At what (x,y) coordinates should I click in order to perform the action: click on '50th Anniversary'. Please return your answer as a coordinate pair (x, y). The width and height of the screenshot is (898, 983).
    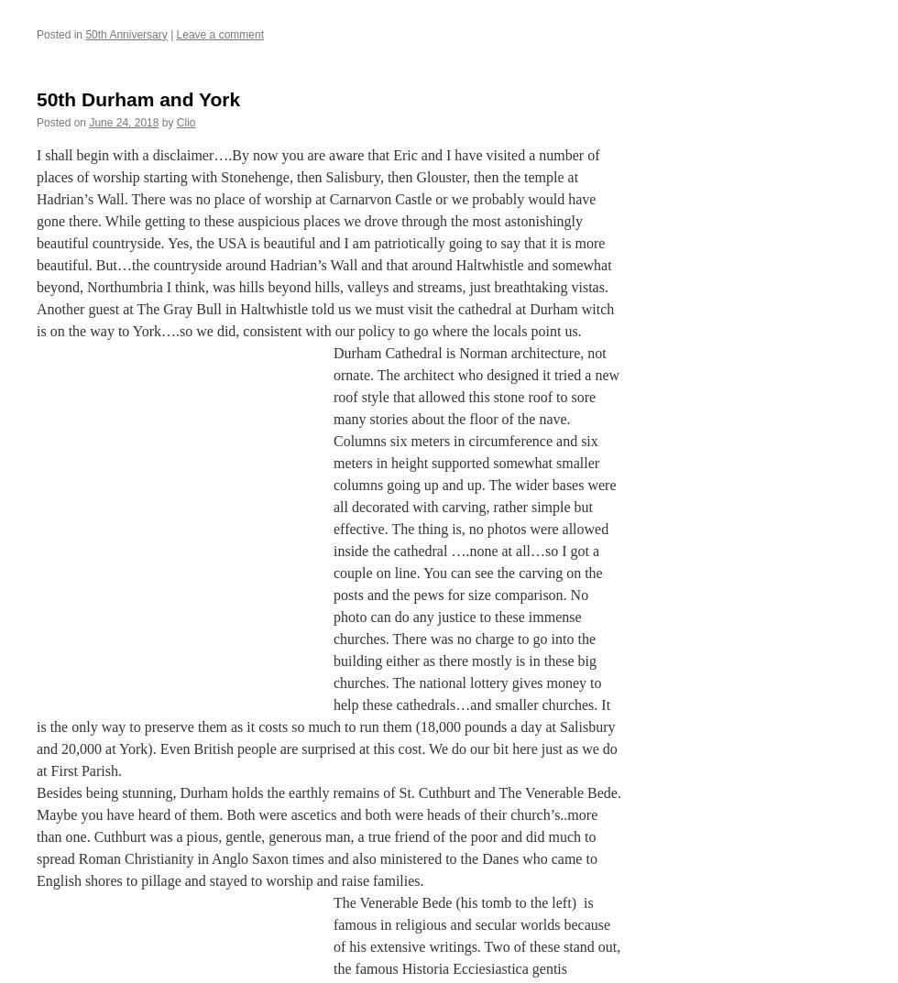
    Looking at the image, I should click on (126, 33).